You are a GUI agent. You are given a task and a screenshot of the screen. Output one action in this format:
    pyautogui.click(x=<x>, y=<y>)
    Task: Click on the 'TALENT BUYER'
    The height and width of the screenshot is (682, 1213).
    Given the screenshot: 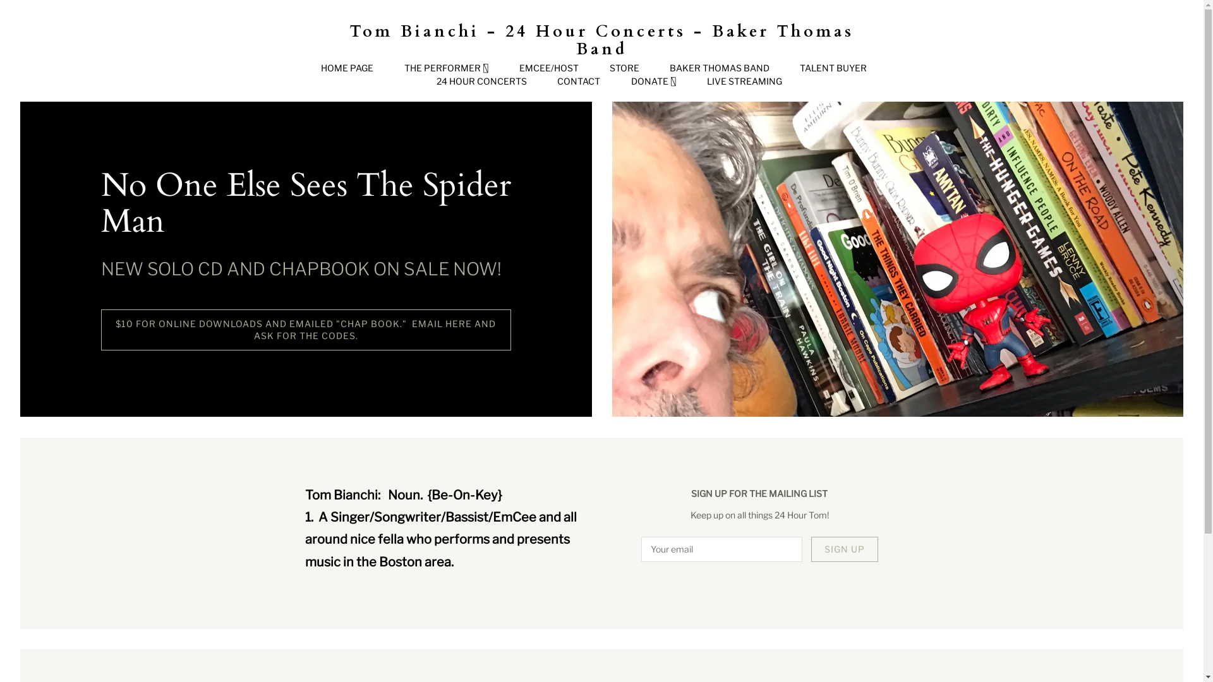 What is the action you would take?
    pyautogui.click(x=833, y=68)
    